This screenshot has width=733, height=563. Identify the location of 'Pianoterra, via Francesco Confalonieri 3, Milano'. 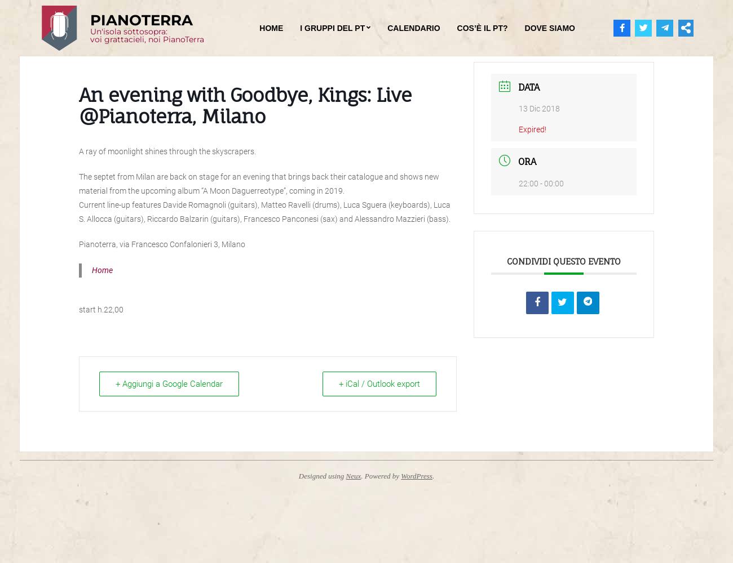
(162, 244).